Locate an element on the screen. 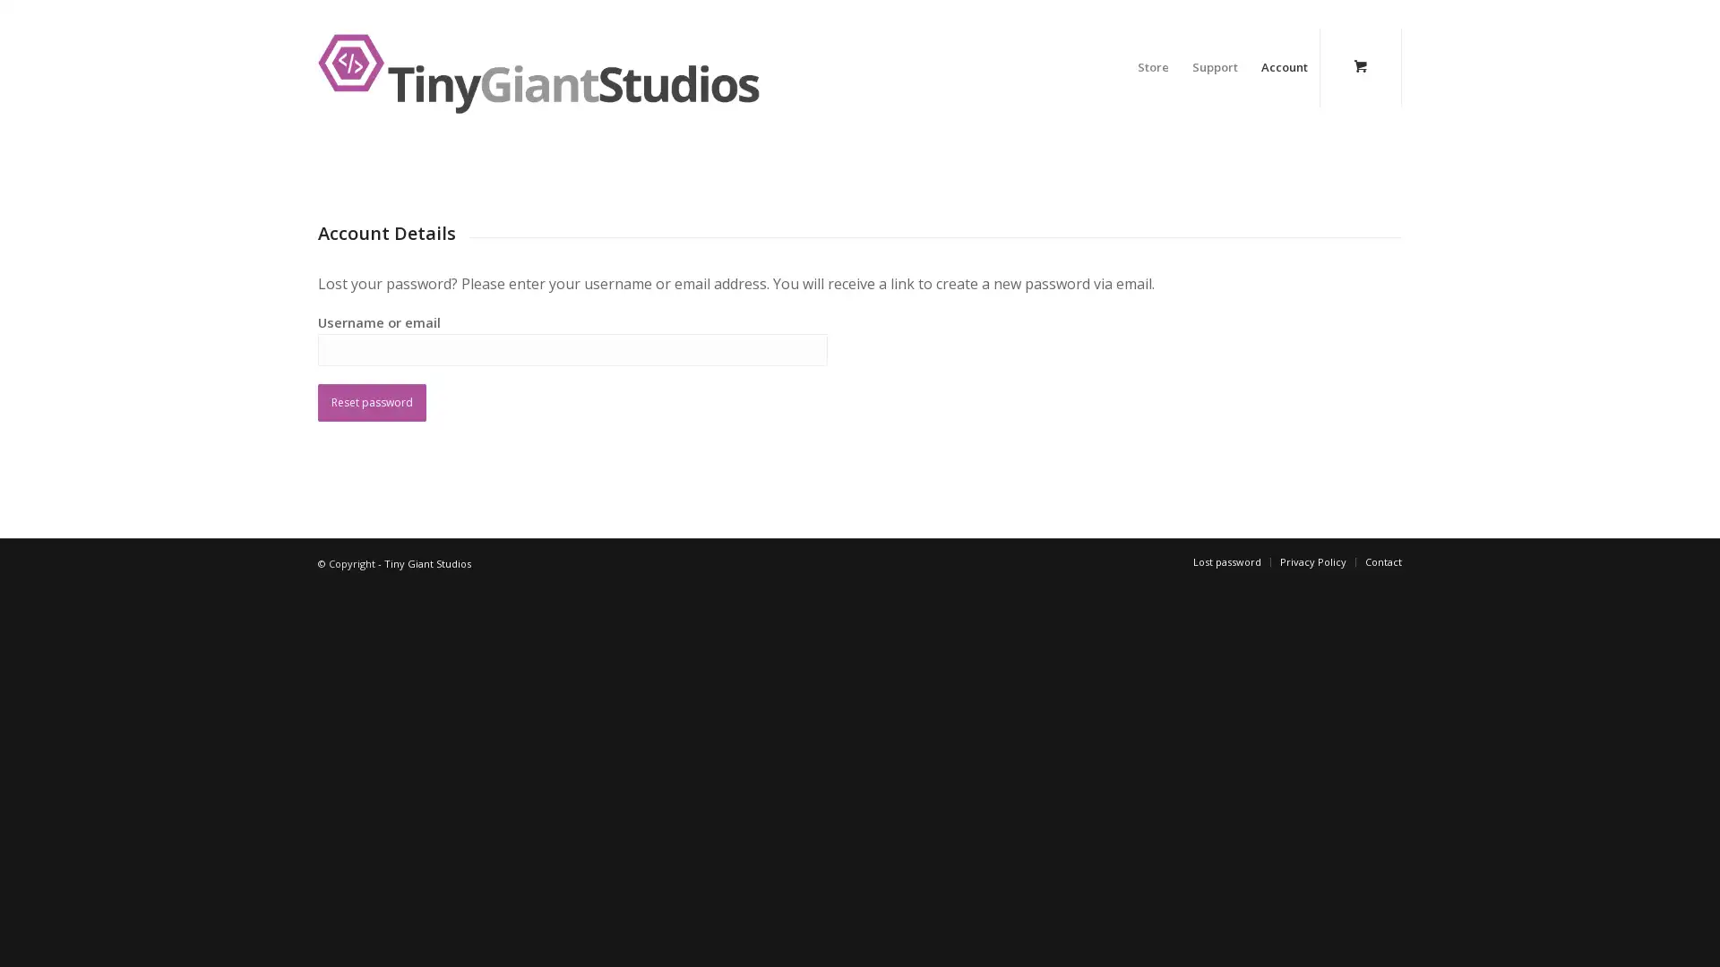 The height and width of the screenshot is (967, 1720). Reset password is located at coordinates (371, 617).